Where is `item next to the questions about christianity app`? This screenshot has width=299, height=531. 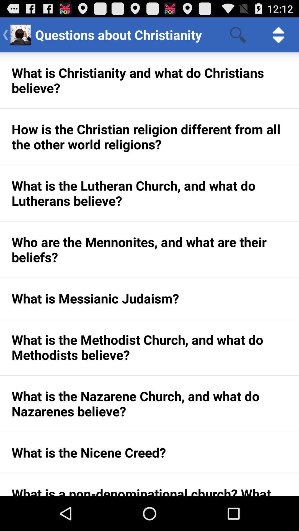
item next to the questions about christianity app is located at coordinates (238, 34).